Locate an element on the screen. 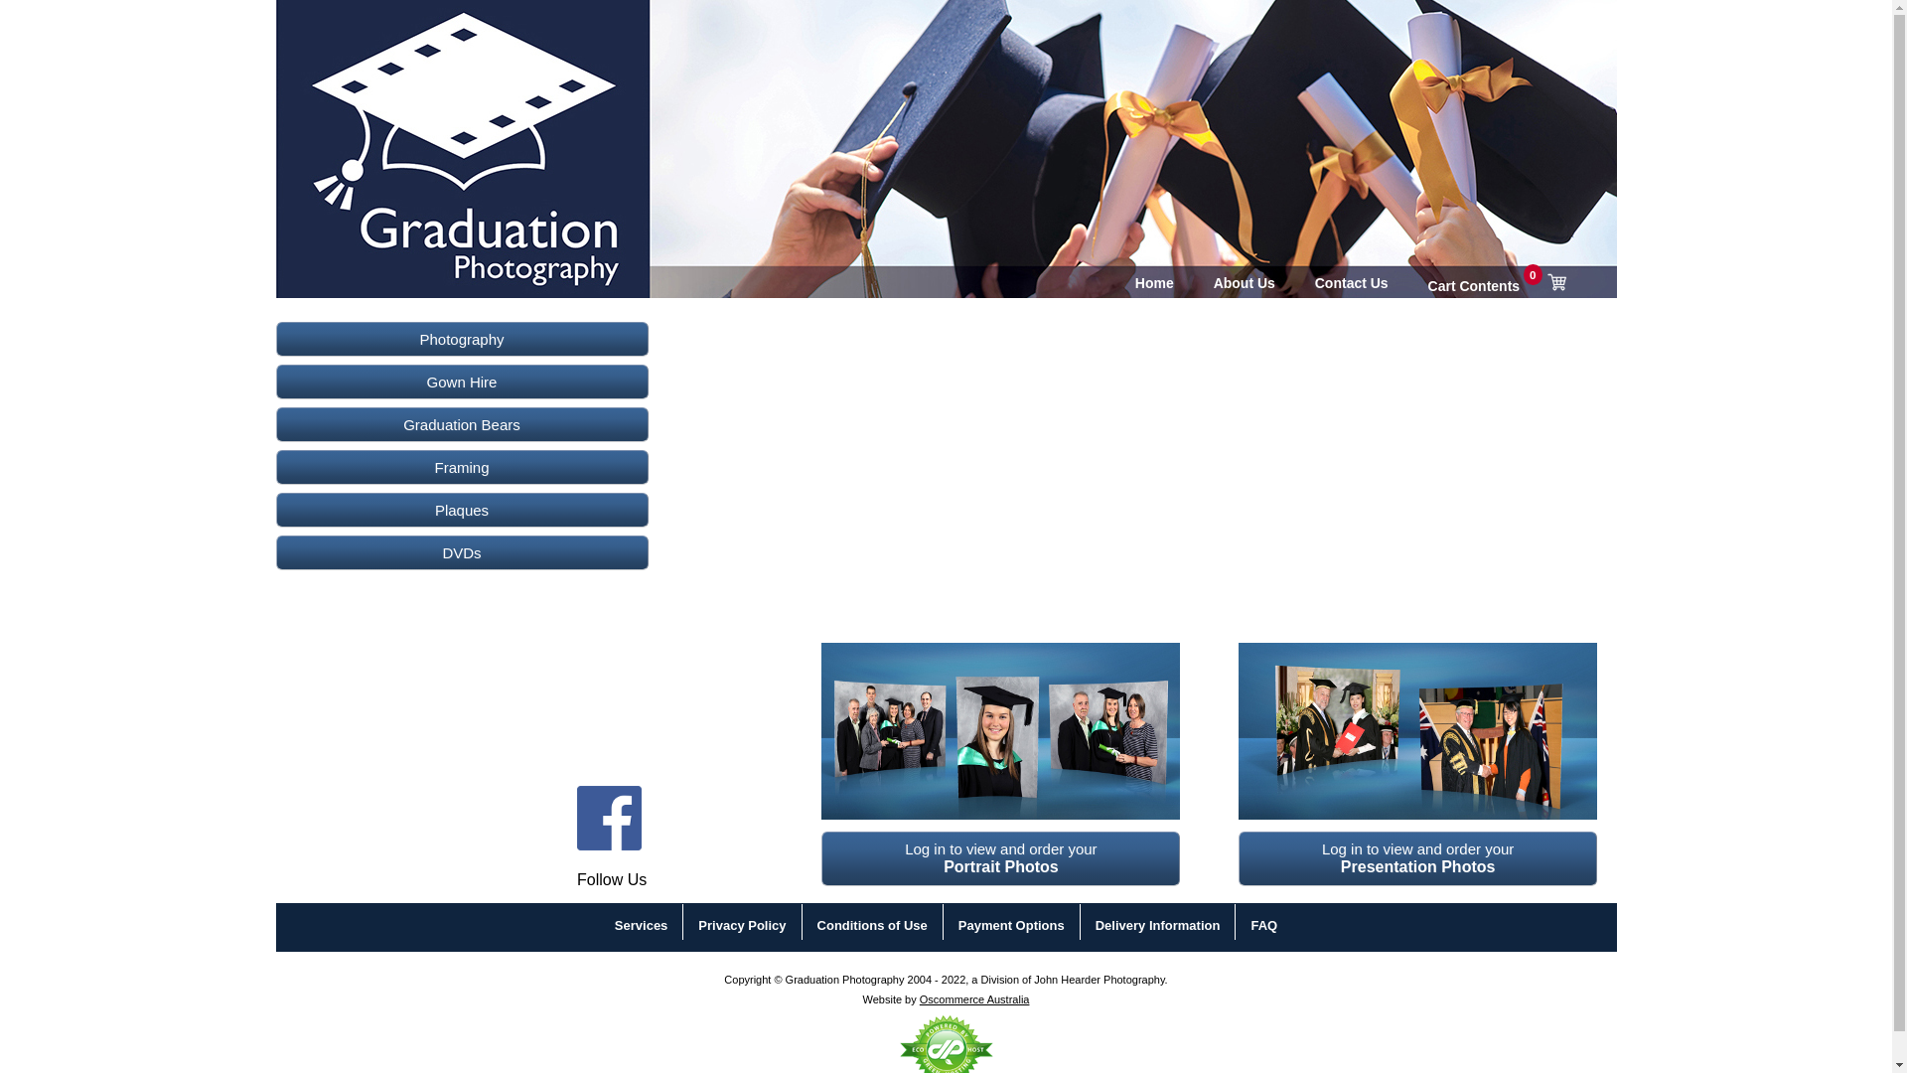 The width and height of the screenshot is (1907, 1073). 'Oscommerce Australia' is located at coordinates (974, 999).